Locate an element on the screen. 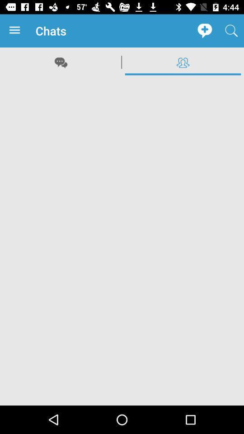  the item to the left of the chats item is located at coordinates (16, 31).